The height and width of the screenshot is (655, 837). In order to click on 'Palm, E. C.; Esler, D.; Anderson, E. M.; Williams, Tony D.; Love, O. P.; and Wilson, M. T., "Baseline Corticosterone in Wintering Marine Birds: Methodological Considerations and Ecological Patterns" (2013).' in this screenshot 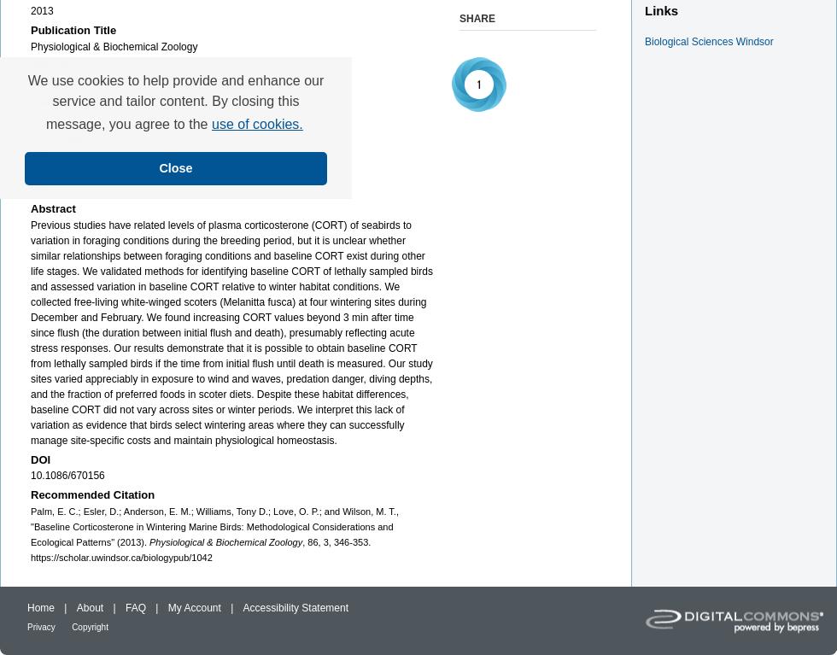, I will do `click(214, 525)`.